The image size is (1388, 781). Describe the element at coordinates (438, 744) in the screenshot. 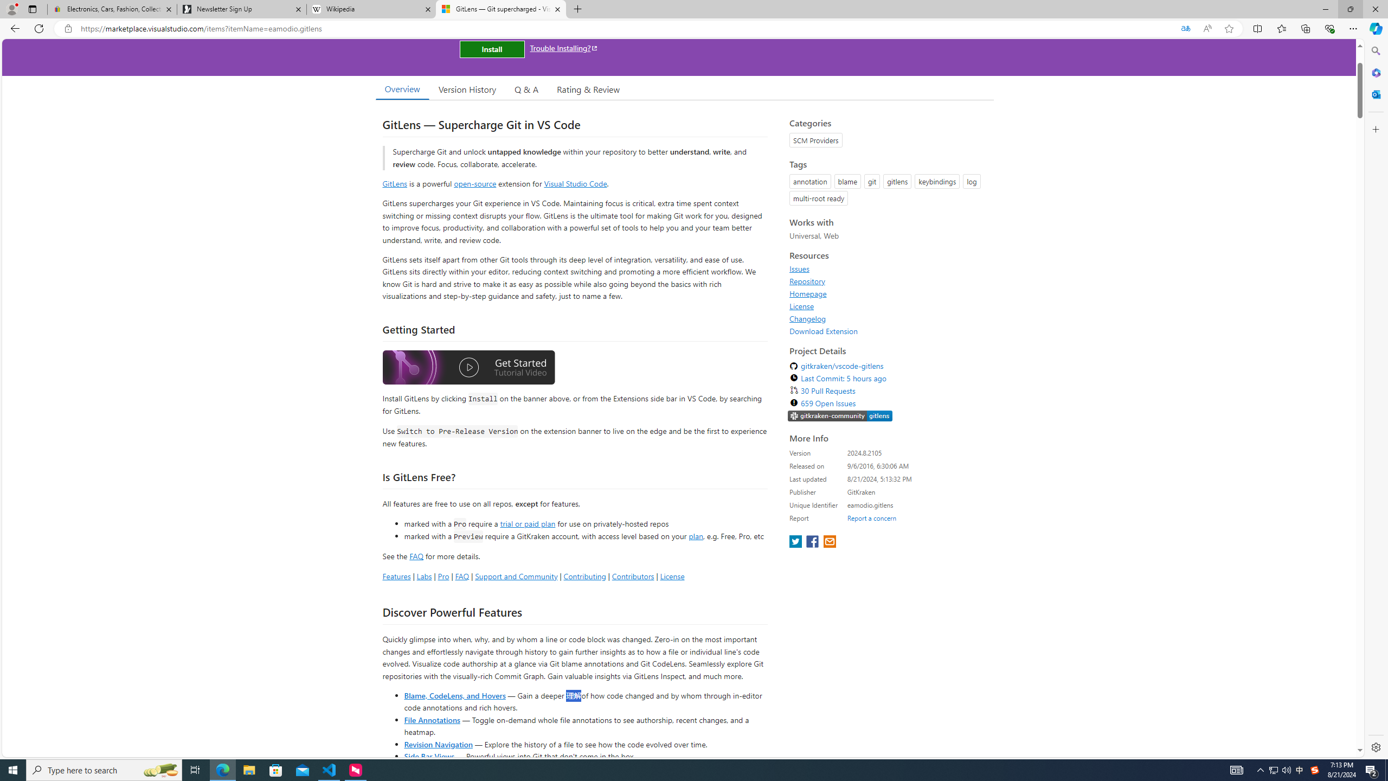

I see `'Revision Navigation'` at that location.